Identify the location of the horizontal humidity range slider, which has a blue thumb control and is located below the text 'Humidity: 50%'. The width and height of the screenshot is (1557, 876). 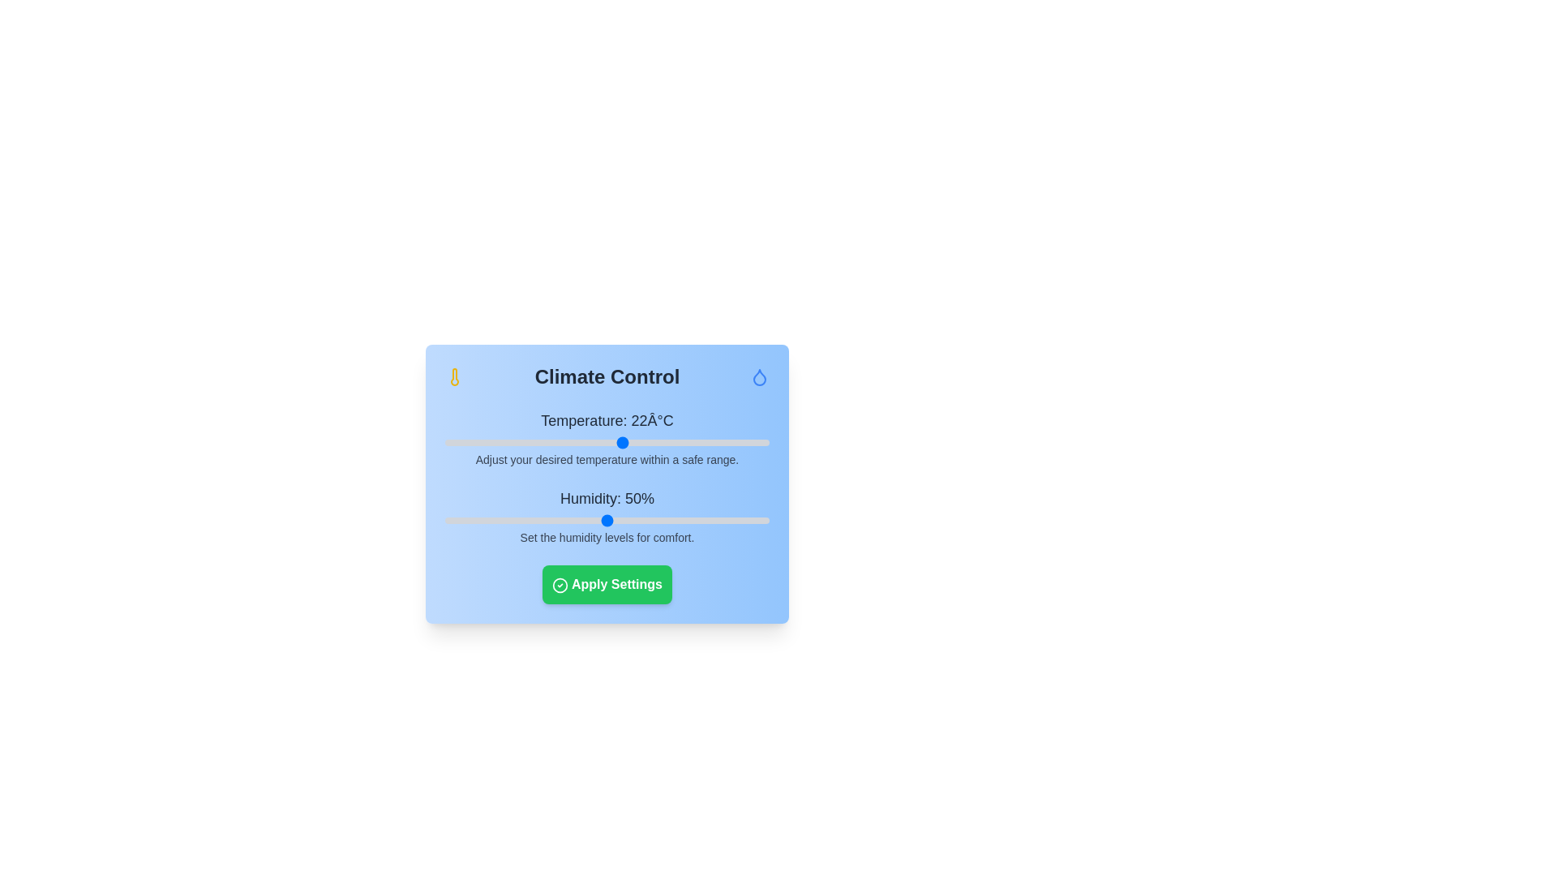
(606, 520).